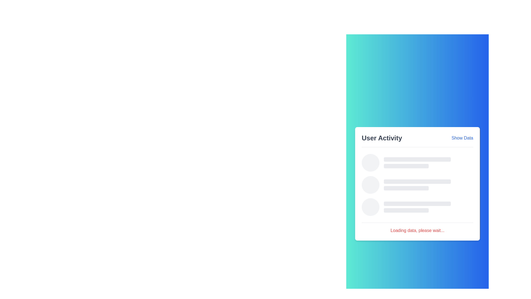  Describe the element at coordinates (417, 228) in the screenshot. I see `the status indicator text label that informs the user about the current activity of data loading, located at the bottom of a white rectangular card with rounded corners` at that location.